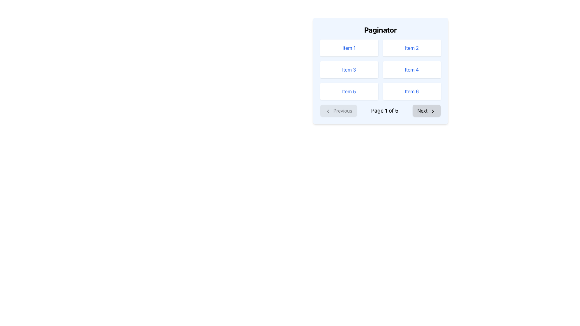 The height and width of the screenshot is (326, 580). I want to click on the left-pointing chevron icon located at the start of the 'Previous' button within the paginator control, so click(327, 111).